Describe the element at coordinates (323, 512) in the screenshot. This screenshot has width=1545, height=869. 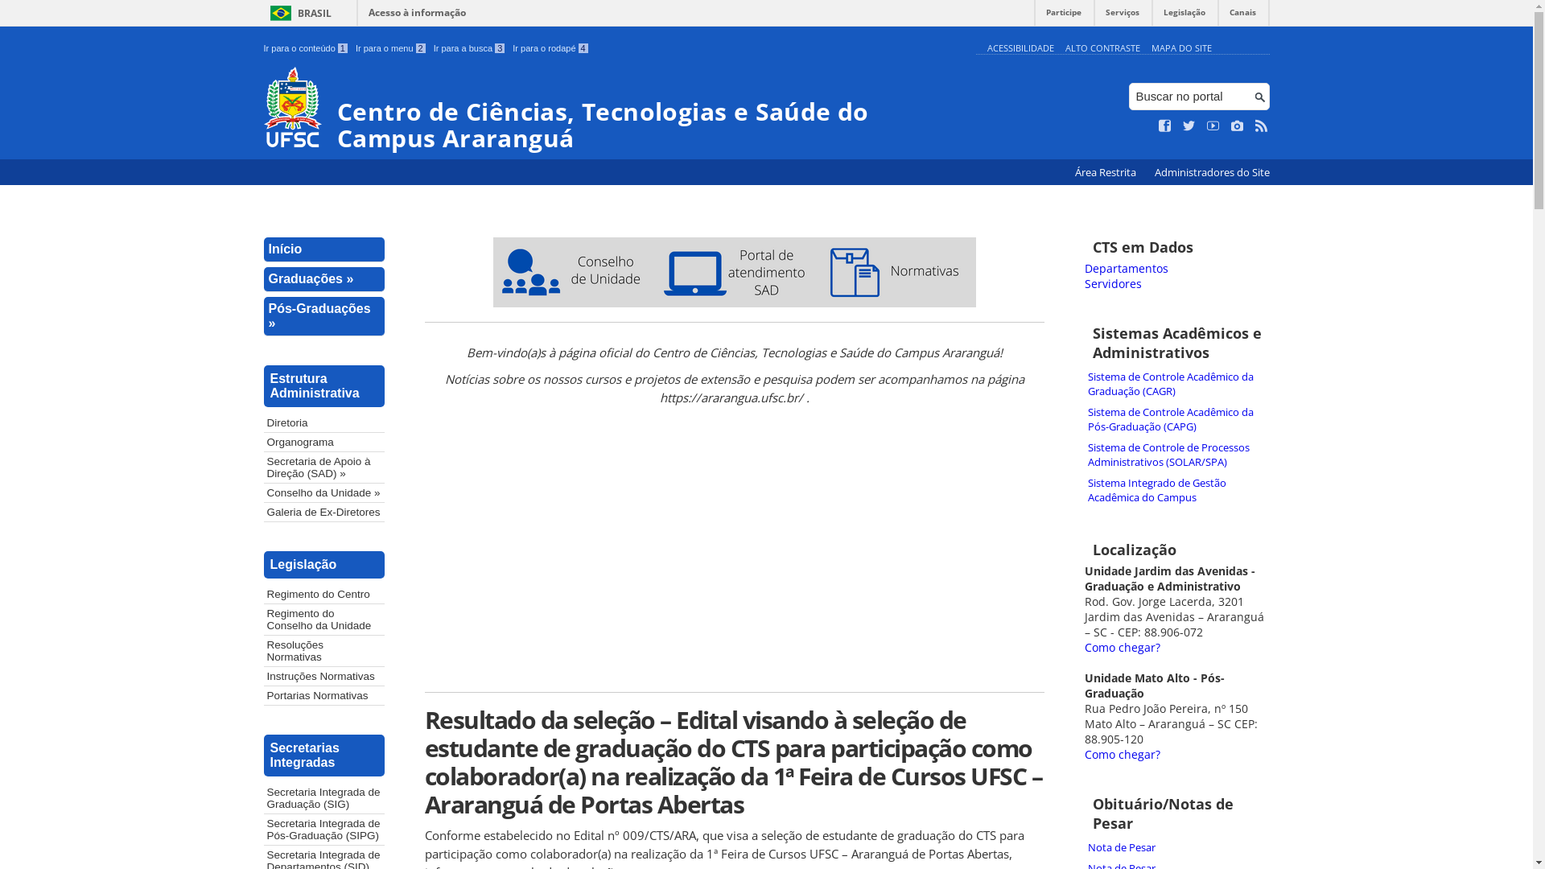
I see `'Galeria de Ex-Diretores'` at that location.